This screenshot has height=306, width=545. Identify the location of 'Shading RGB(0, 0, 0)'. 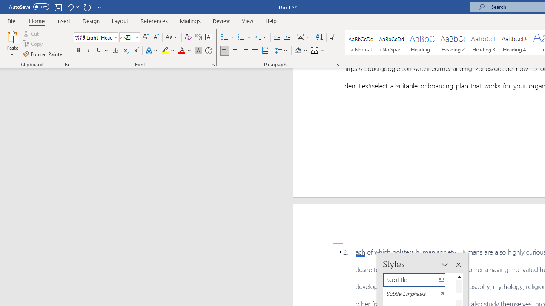
(298, 51).